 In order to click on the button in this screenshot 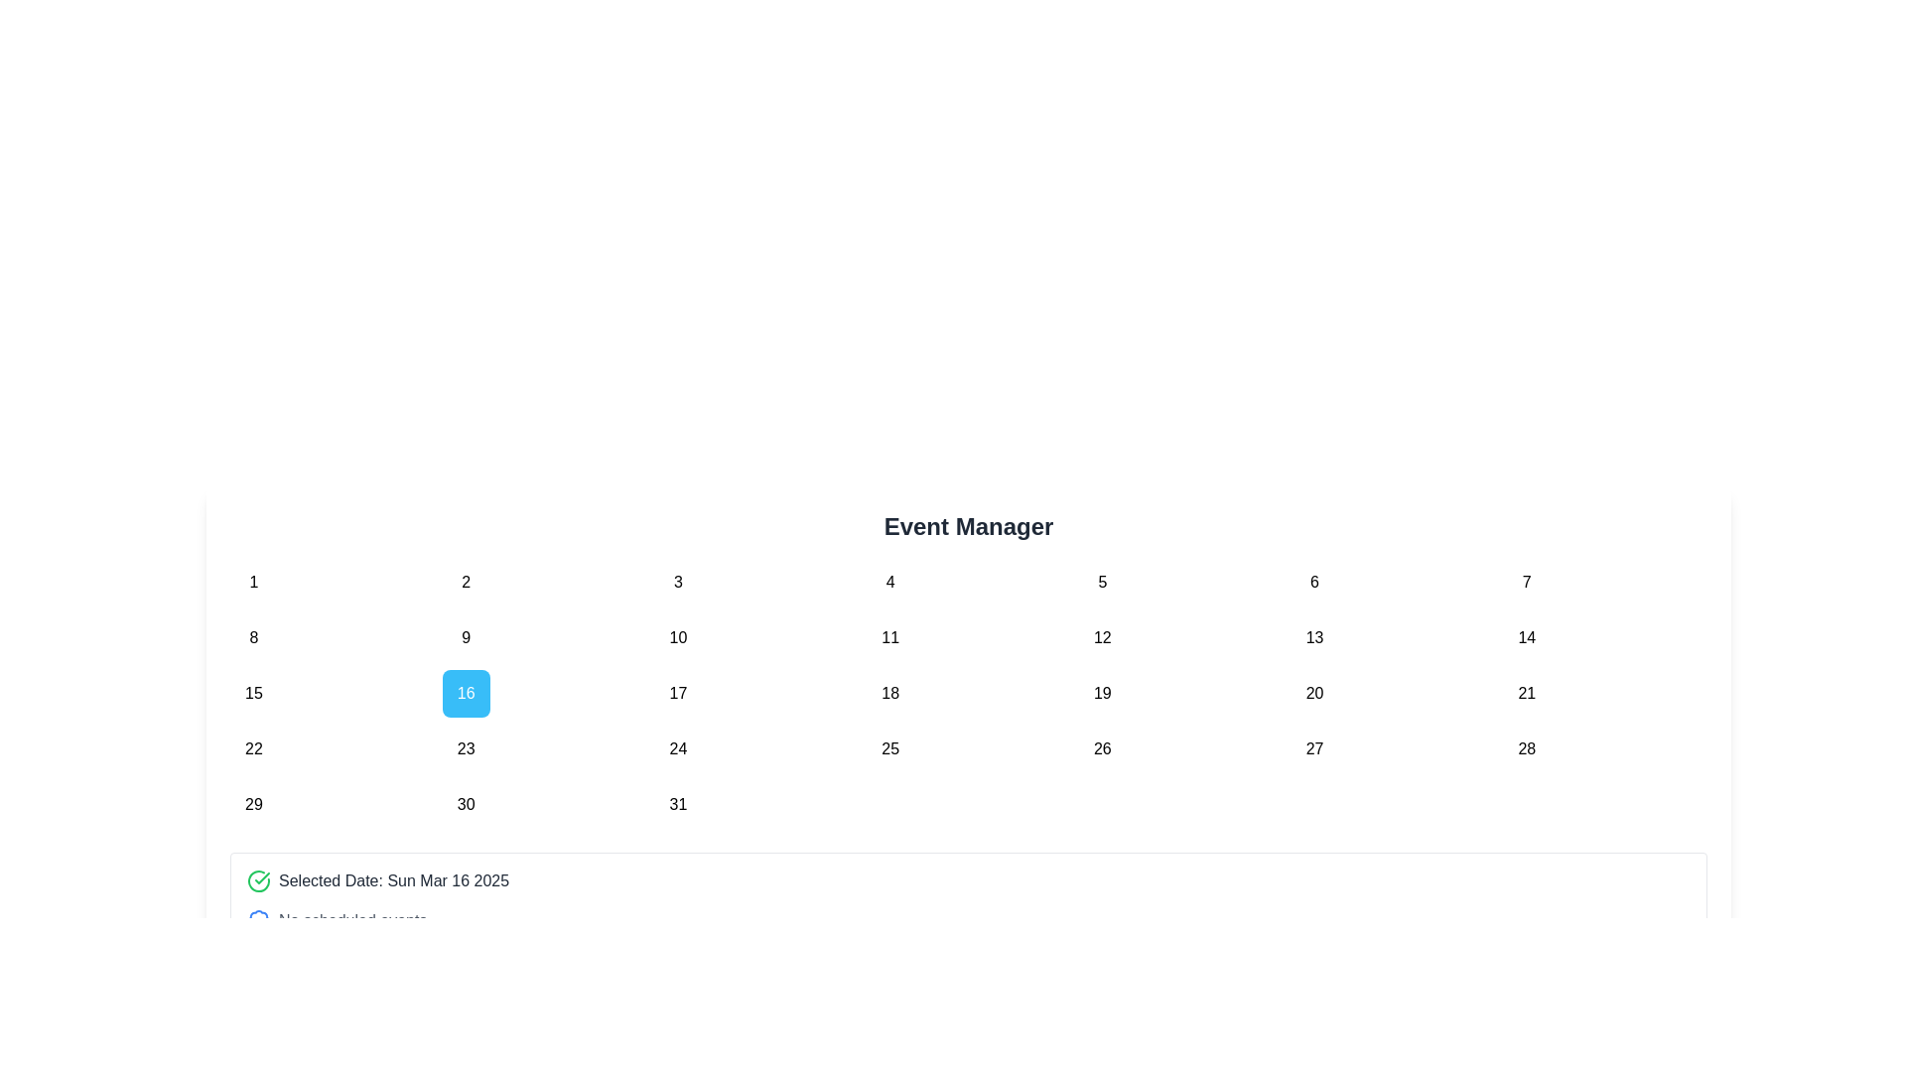, I will do `click(678, 749)`.